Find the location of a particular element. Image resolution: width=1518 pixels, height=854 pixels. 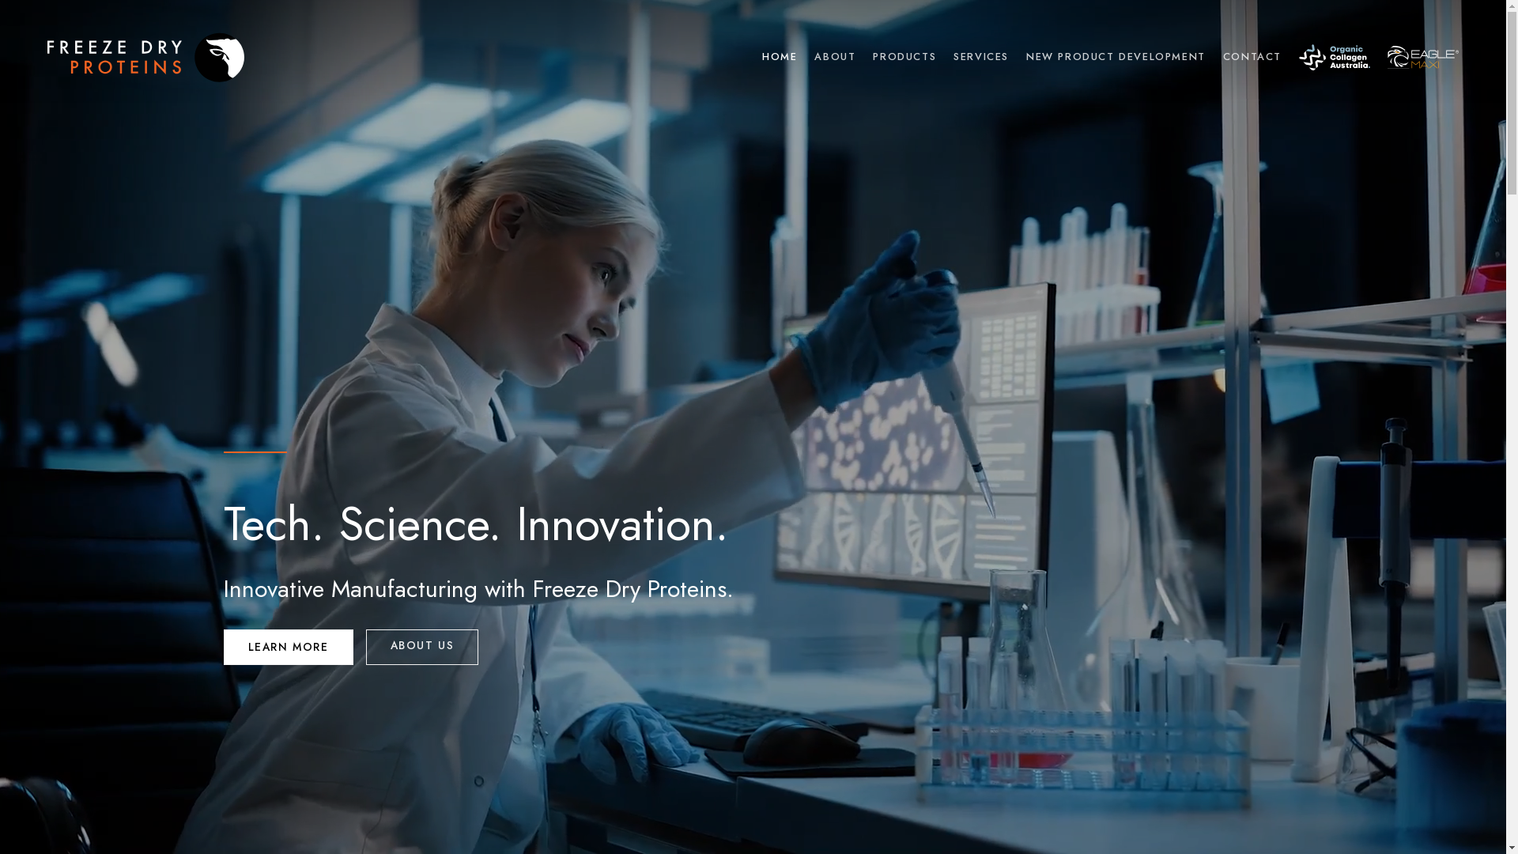

'Skip to content' is located at coordinates (0, 0).